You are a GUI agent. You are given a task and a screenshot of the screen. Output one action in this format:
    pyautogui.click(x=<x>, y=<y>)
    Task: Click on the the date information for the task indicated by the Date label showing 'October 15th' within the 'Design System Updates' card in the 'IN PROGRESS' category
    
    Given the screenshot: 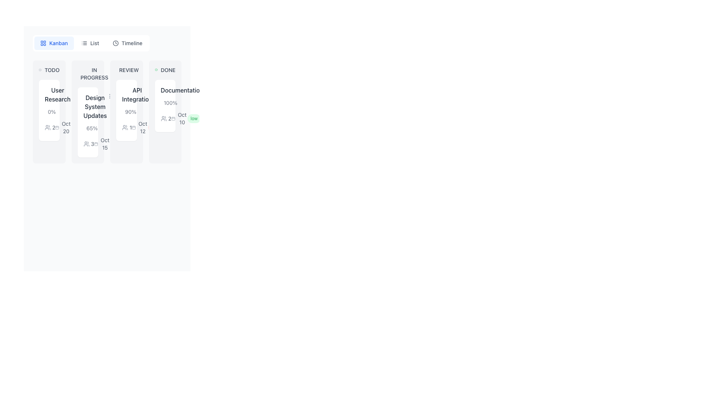 What is the action you would take?
    pyautogui.click(x=102, y=144)
    